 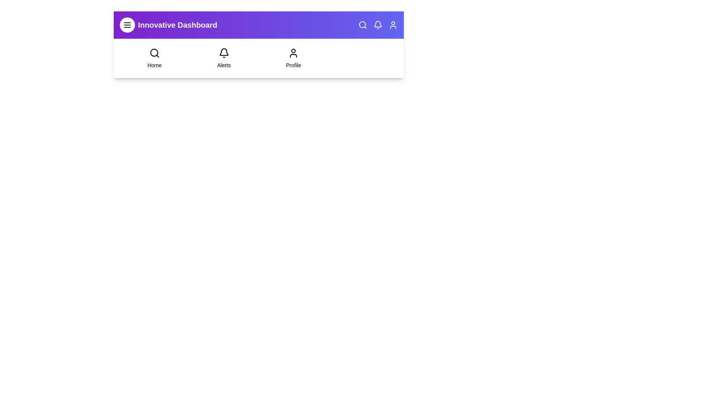 I want to click on the Search icon in the InnovativeAppBar, so click(x=362, y=24).